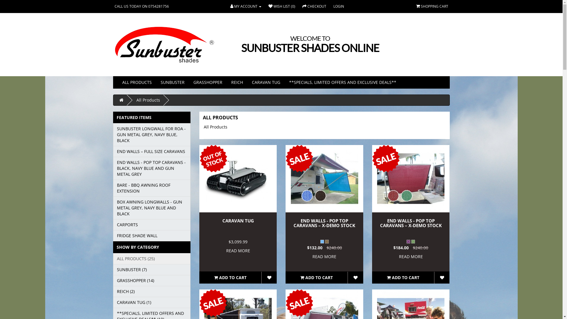  Describe the element at coordinates (172, 82) in the screenshot. I see `'SUNBUSTER'` at that location.